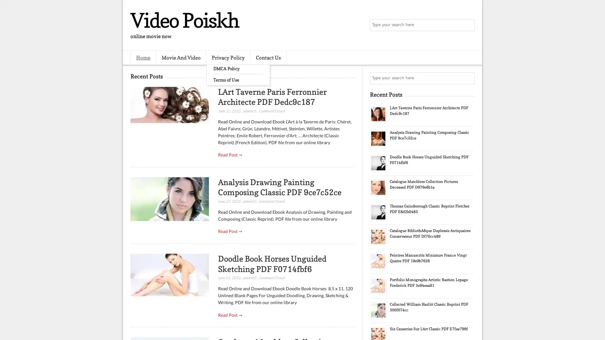  I want to click on Search, so click(468, 25).